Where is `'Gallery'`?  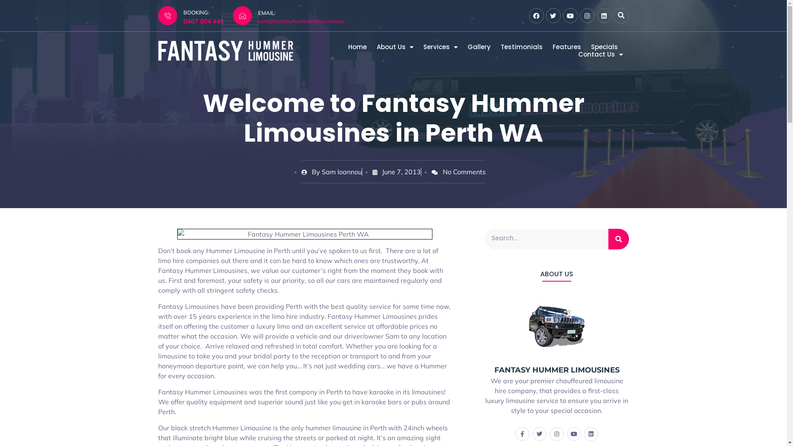 'Gallery' is located at coordinates (468, 47).